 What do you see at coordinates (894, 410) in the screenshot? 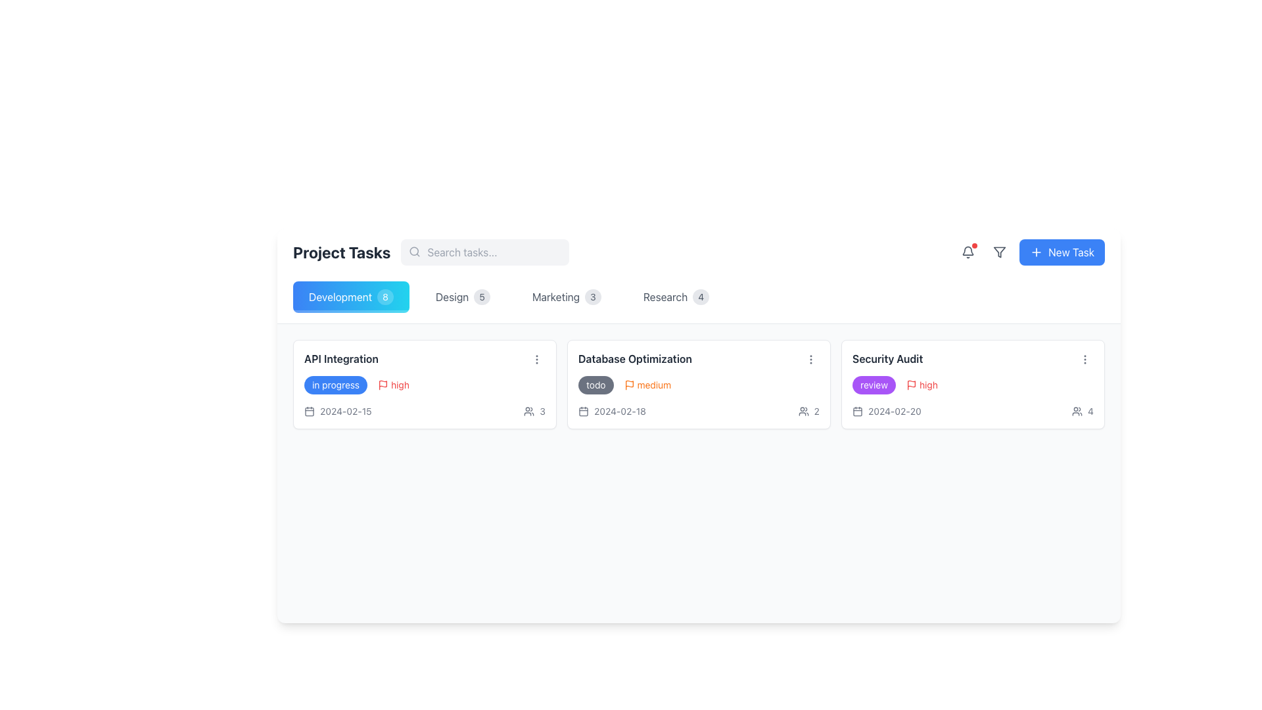
I see `the text element that indicates the due date for the task in the bottom-right section of the 'Security Audit' card` at bounding box center [894, 410].